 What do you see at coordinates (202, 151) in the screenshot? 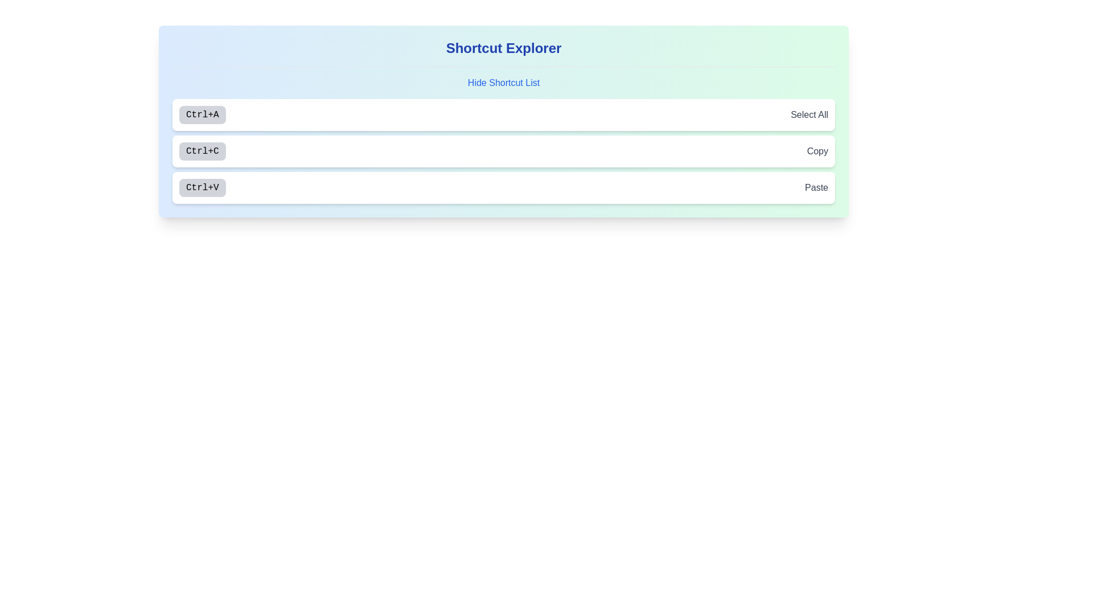
I see `the rounded rectangular label with light gray background that contains the text 'Ctrl+C'` at bounding box center [202, 151].